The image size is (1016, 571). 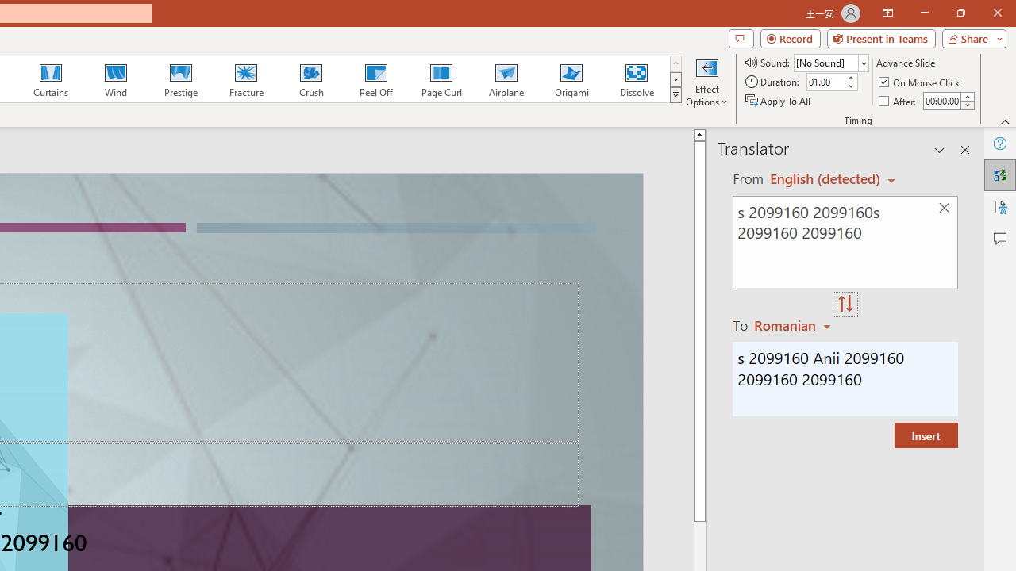 What do you see at coordinates (637, 79) in the screenshot?
I see `'Dissolve'` at bounding box center [637, 79].